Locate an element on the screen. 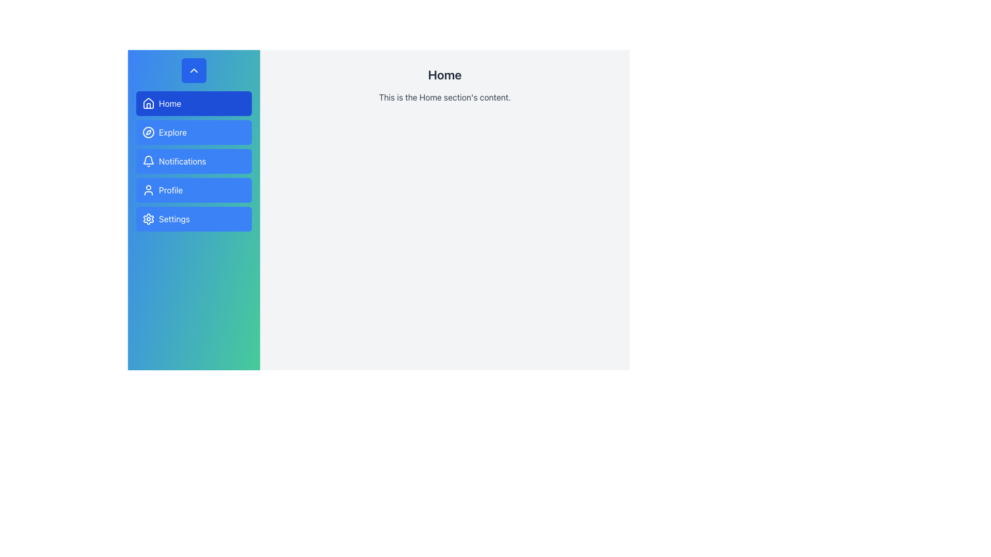  the Home icon in the sidebar menu, which visually indicates its purpose as part of the Home navigation option is located at coordinates (148, 103).